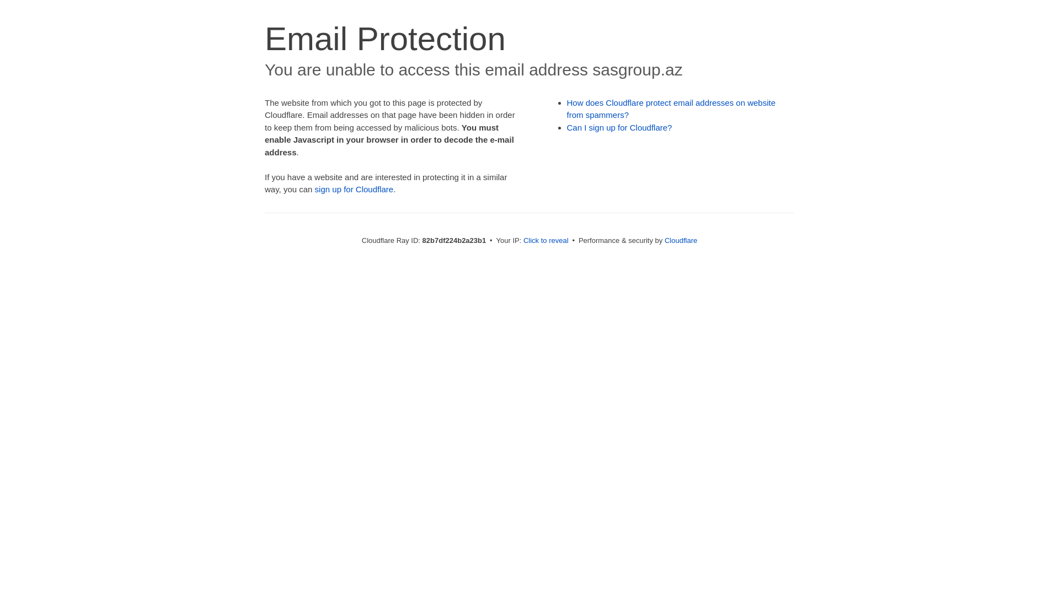 The width and height of the screenshot is (1059, 595). What do you see at coordinates (354, 188) in the screenshot?
I see `'sign up for Cloudflare'` at bounding box center [354, 188].